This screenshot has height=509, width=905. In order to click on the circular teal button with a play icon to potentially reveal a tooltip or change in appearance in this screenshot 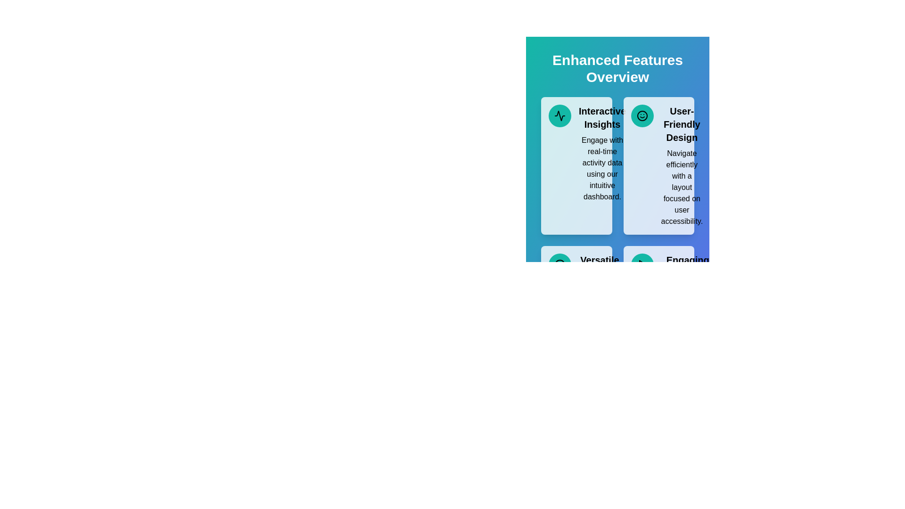, I will do `click(642, 265)`.